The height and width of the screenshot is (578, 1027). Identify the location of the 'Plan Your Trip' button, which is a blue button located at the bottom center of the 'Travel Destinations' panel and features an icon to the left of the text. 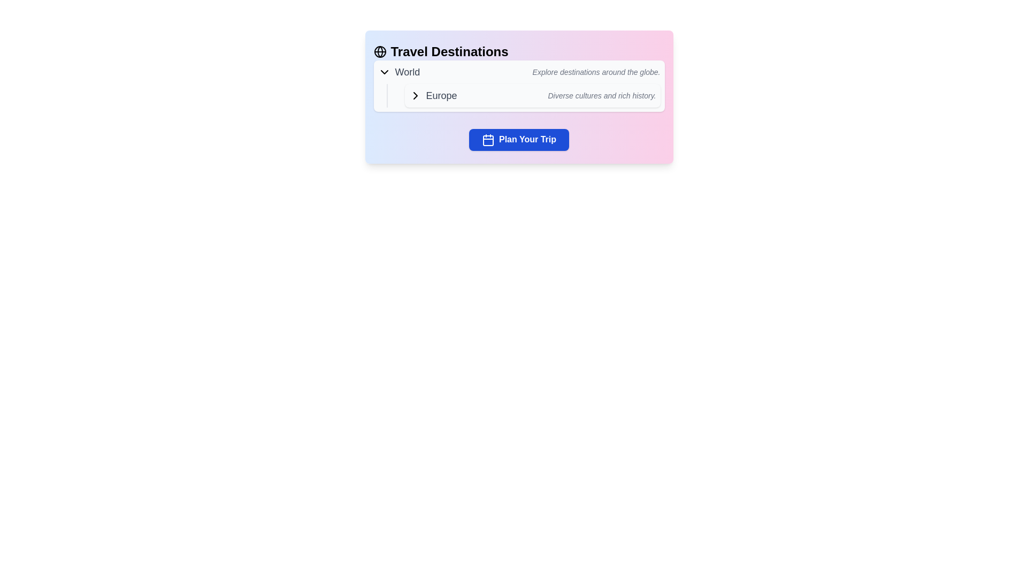
(487, 139).